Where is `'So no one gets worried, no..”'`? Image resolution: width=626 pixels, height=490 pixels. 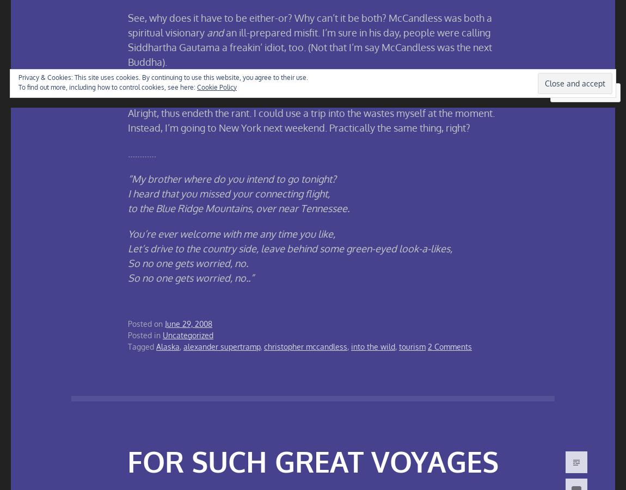 'So no one gets worried, no..”' is located at coordinates (191, 277).